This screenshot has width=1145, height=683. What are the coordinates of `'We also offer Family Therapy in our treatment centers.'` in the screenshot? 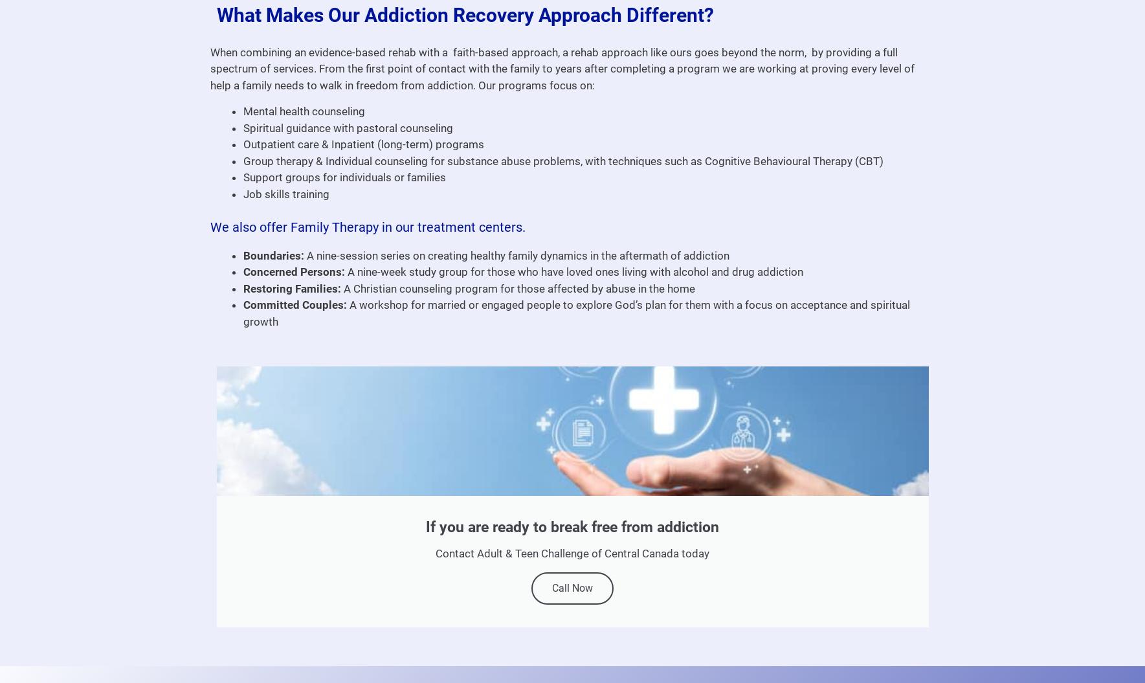 It's located at (367, 226).